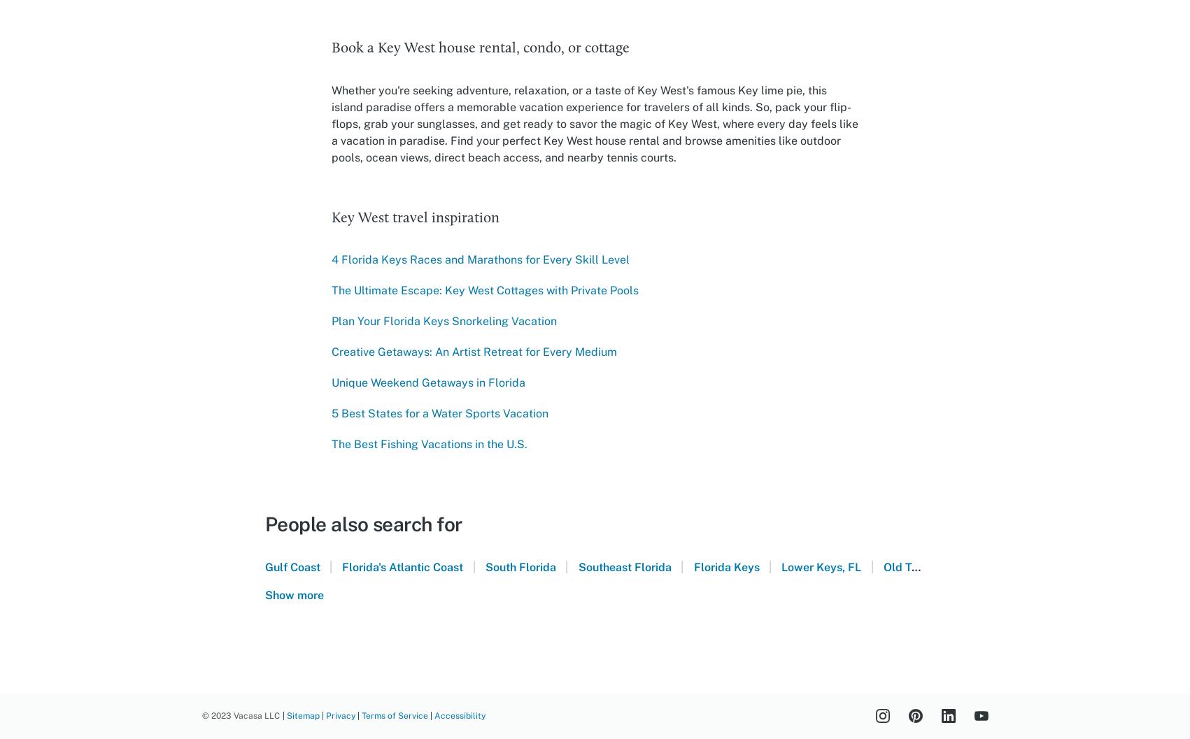  Describe the element at coordinates (394, 715) in the screenshot. I see `'Terms of Service'` at that location.